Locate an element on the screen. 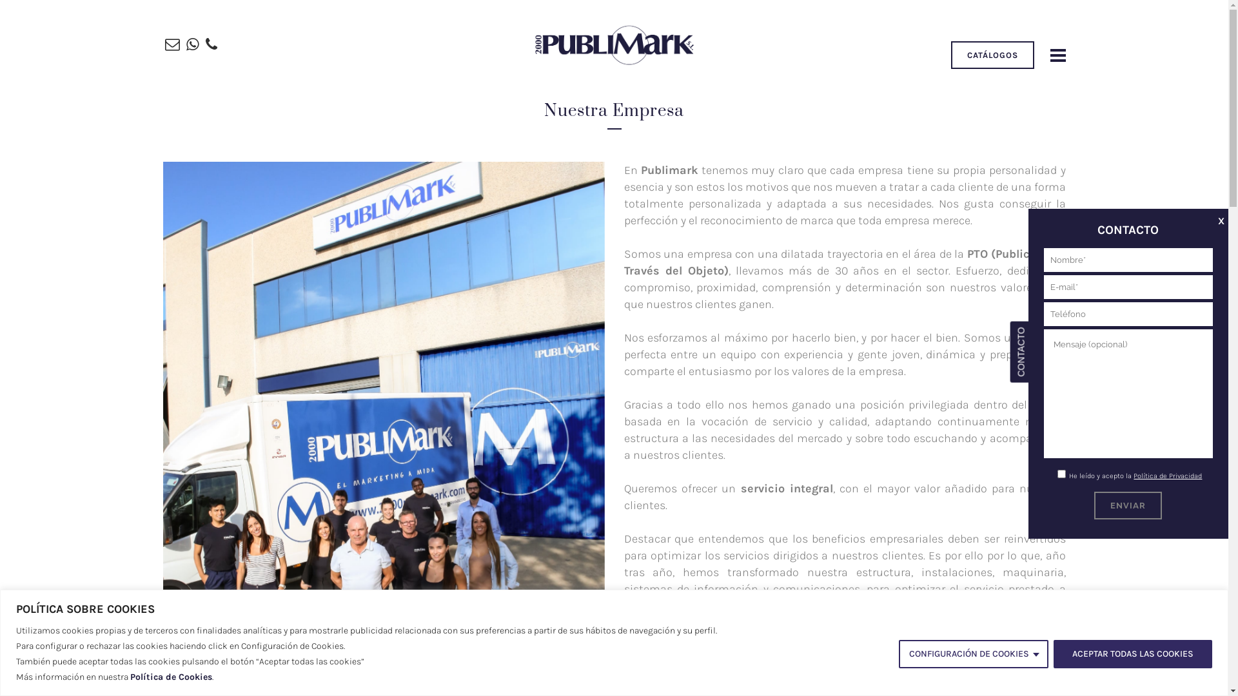 The height and width of the screenshot is (696, 1238). 'ACEPTAR TODAS LAS COOKIES' is located at coordinates (1132, 653).